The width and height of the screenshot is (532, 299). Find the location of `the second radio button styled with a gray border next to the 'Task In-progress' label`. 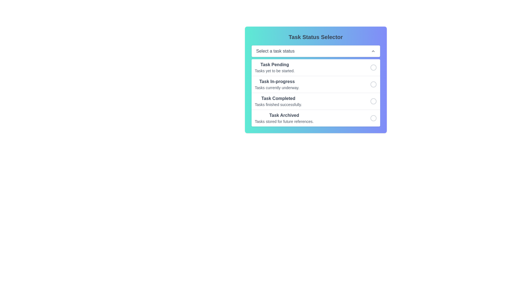

the second radio button styled with a gray border next to the 'Task In-progress' label is located at coordinates (373, 84).